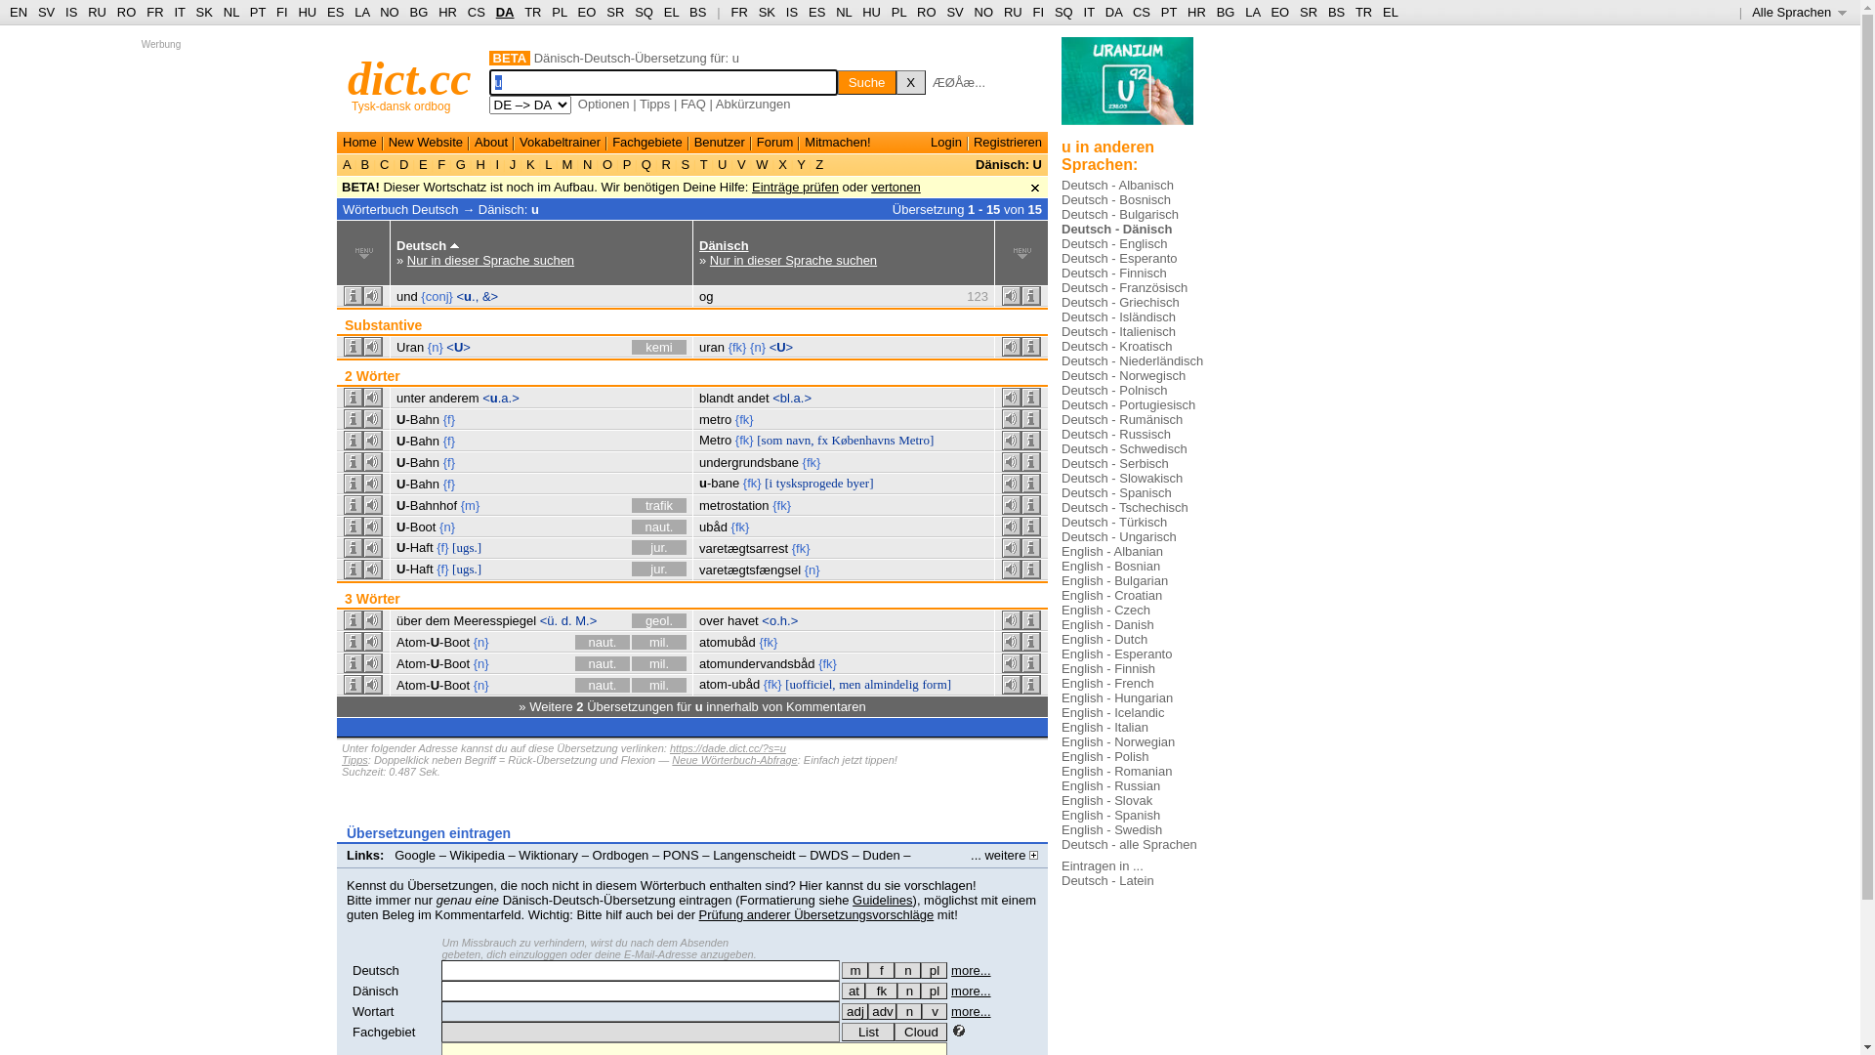  Describe the element at coordinates (1116, 345) in the screenshot. I see `'Deutsch - Kroatisch'` at that location.